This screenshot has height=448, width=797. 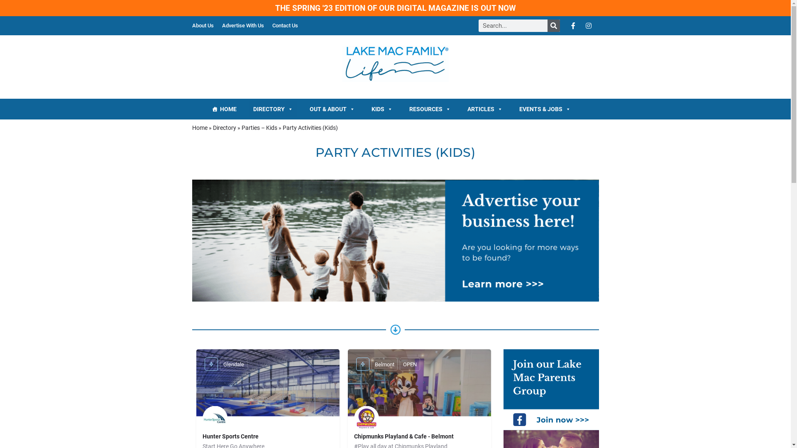 What do you see at coordinates (485, 108) in the screenshot?
I see `'ARTICLES'` at bounding box center [485, 108].